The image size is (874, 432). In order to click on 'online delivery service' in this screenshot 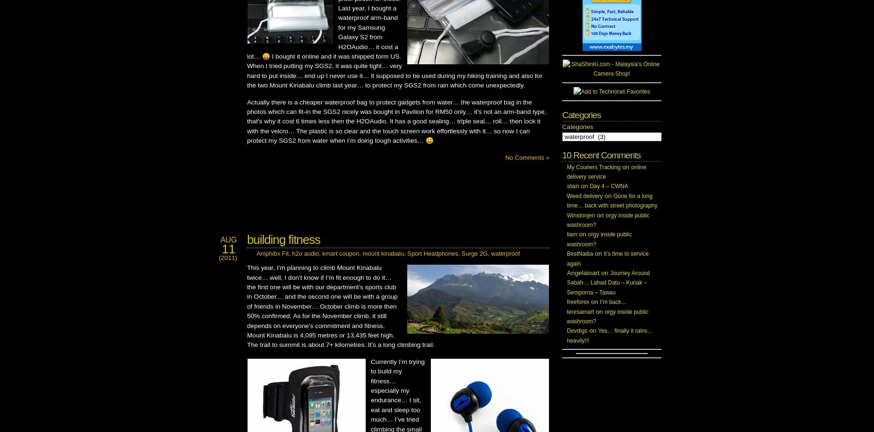, I will do `click(606, 171)`.